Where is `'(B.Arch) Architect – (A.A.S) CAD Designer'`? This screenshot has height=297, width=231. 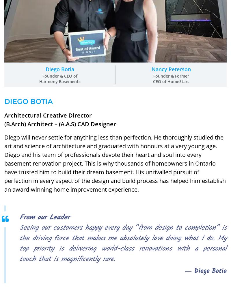
'(B.Arch) Architect – (A.A.S) CAD Designer' is located at coordinates (4, 124).